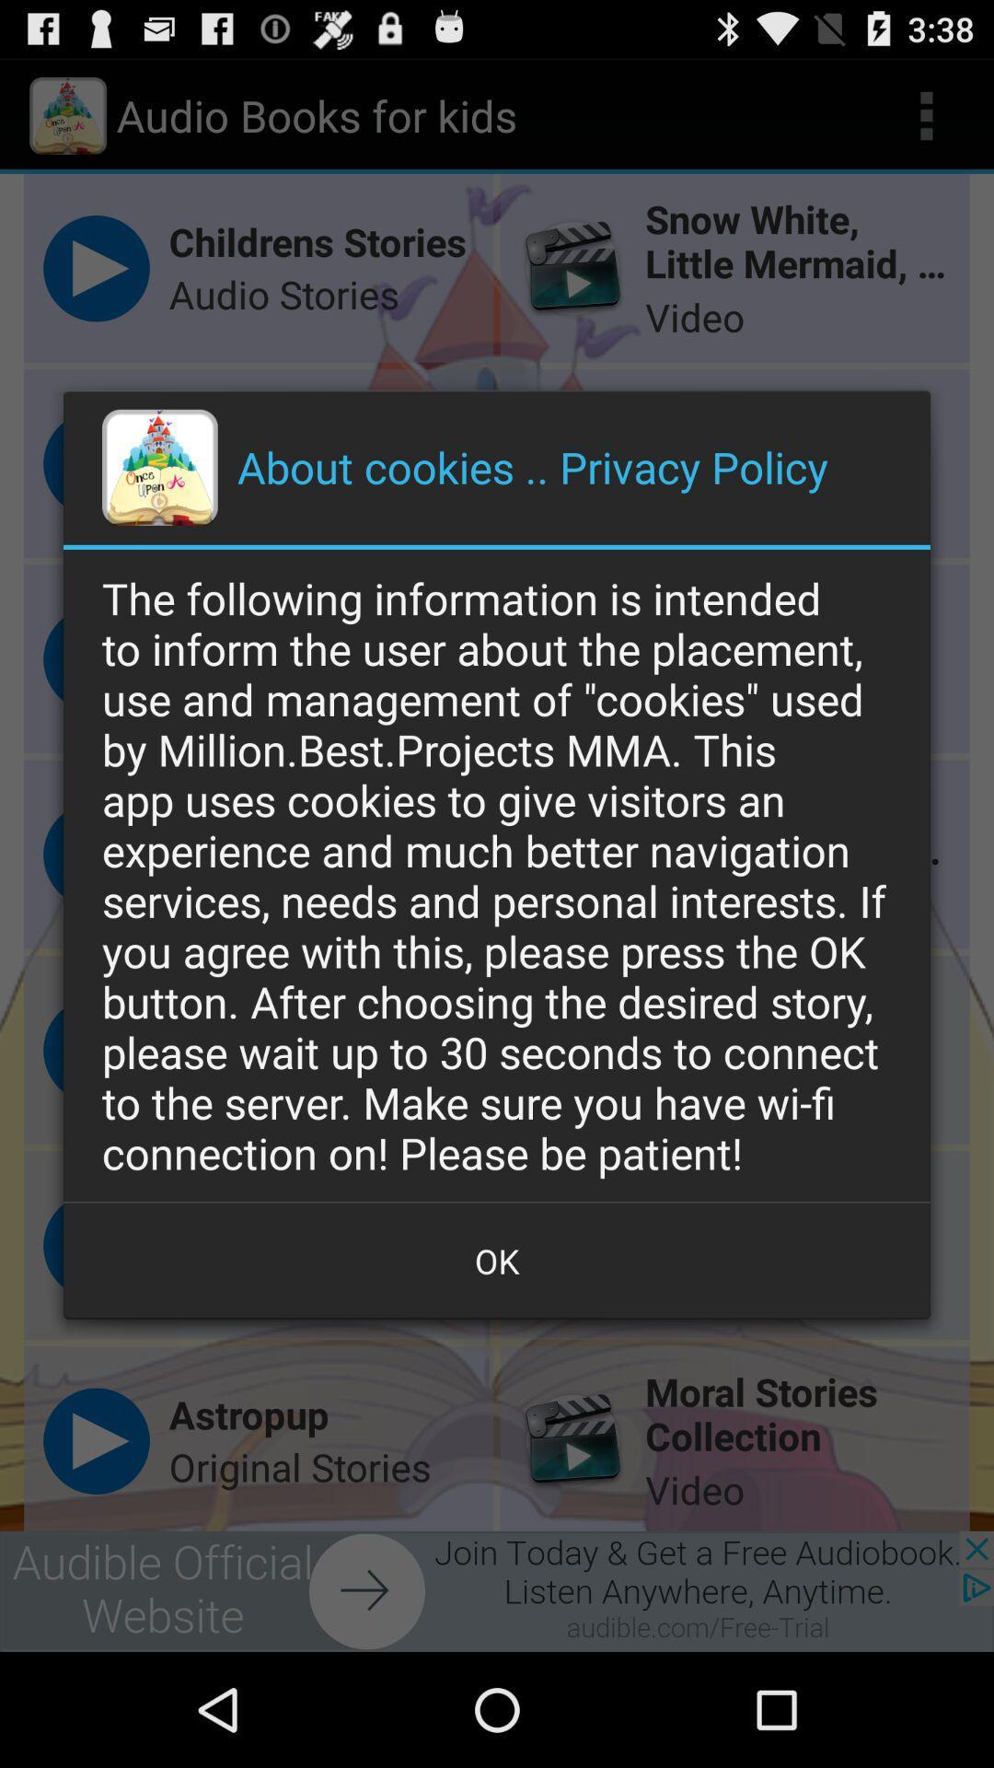 This screenshot has height=1768, width=994. I want to click on the icon above the ok icon, so click(497, 874).